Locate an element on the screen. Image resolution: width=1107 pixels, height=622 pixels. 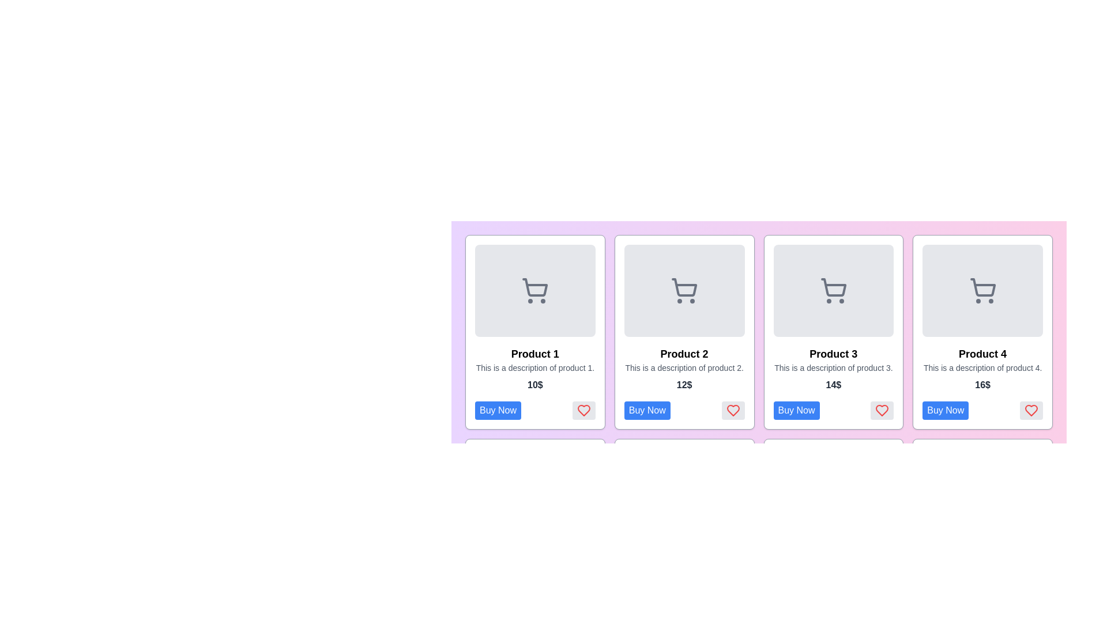
text label titled 'Product 2' which is bold and slightly larger, located inside the second column of product cards, positioned below the image placeholder is located at coordinates (684, 353).